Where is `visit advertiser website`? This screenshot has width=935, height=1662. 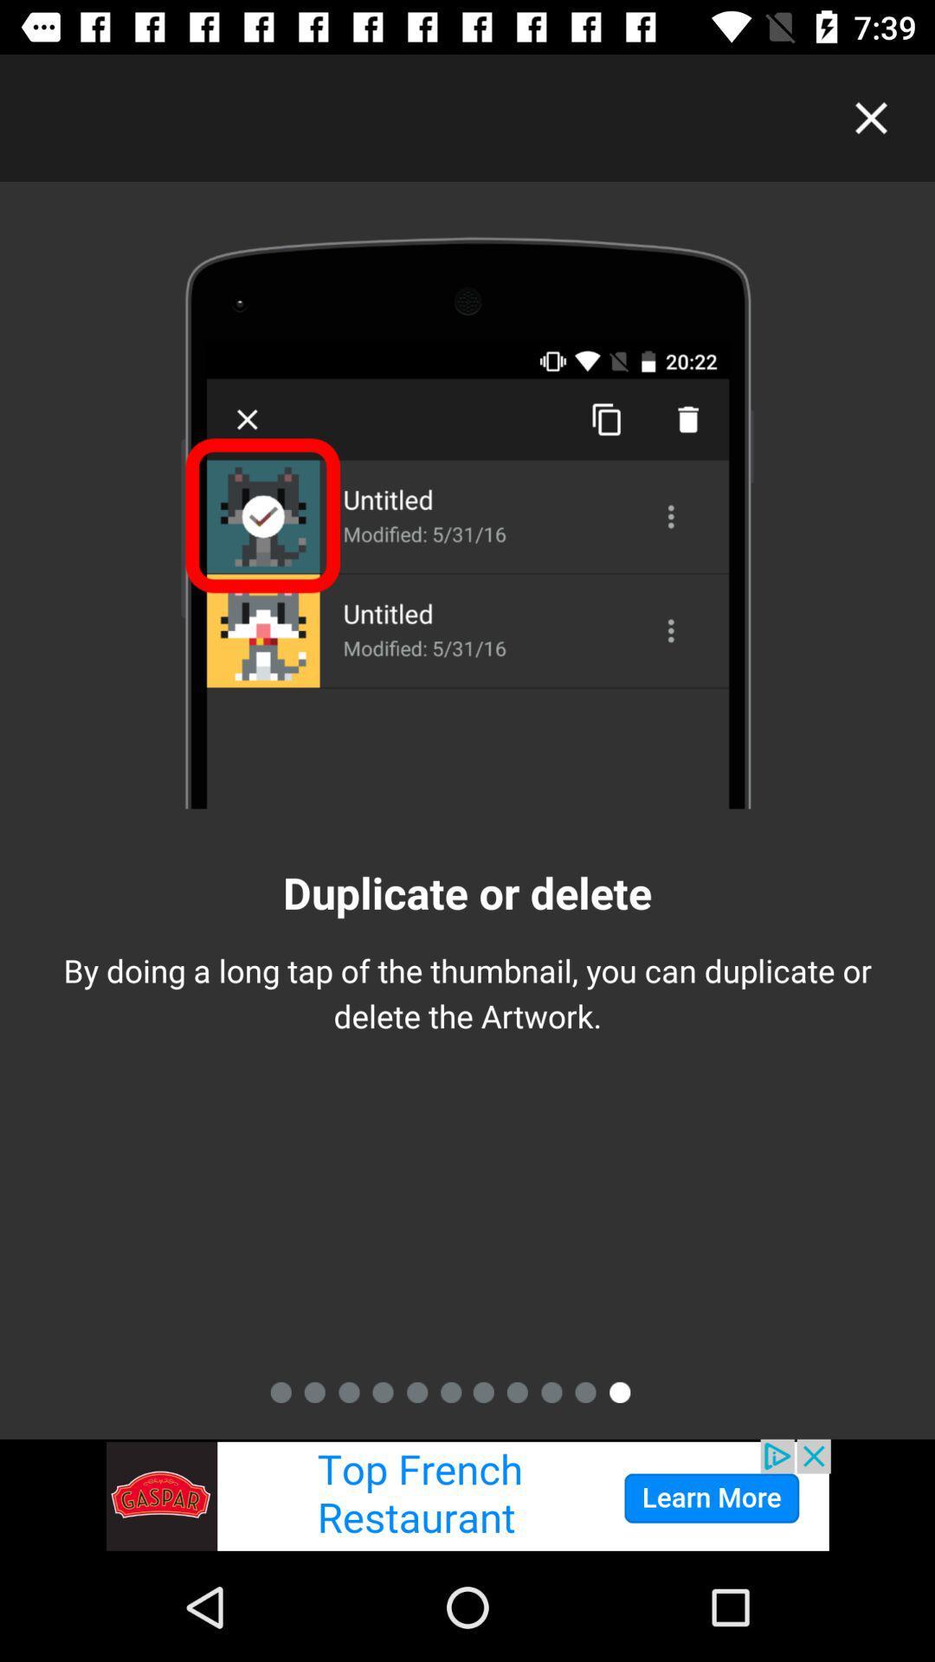 visit advertiser website is located at coordinates (467, 1495).